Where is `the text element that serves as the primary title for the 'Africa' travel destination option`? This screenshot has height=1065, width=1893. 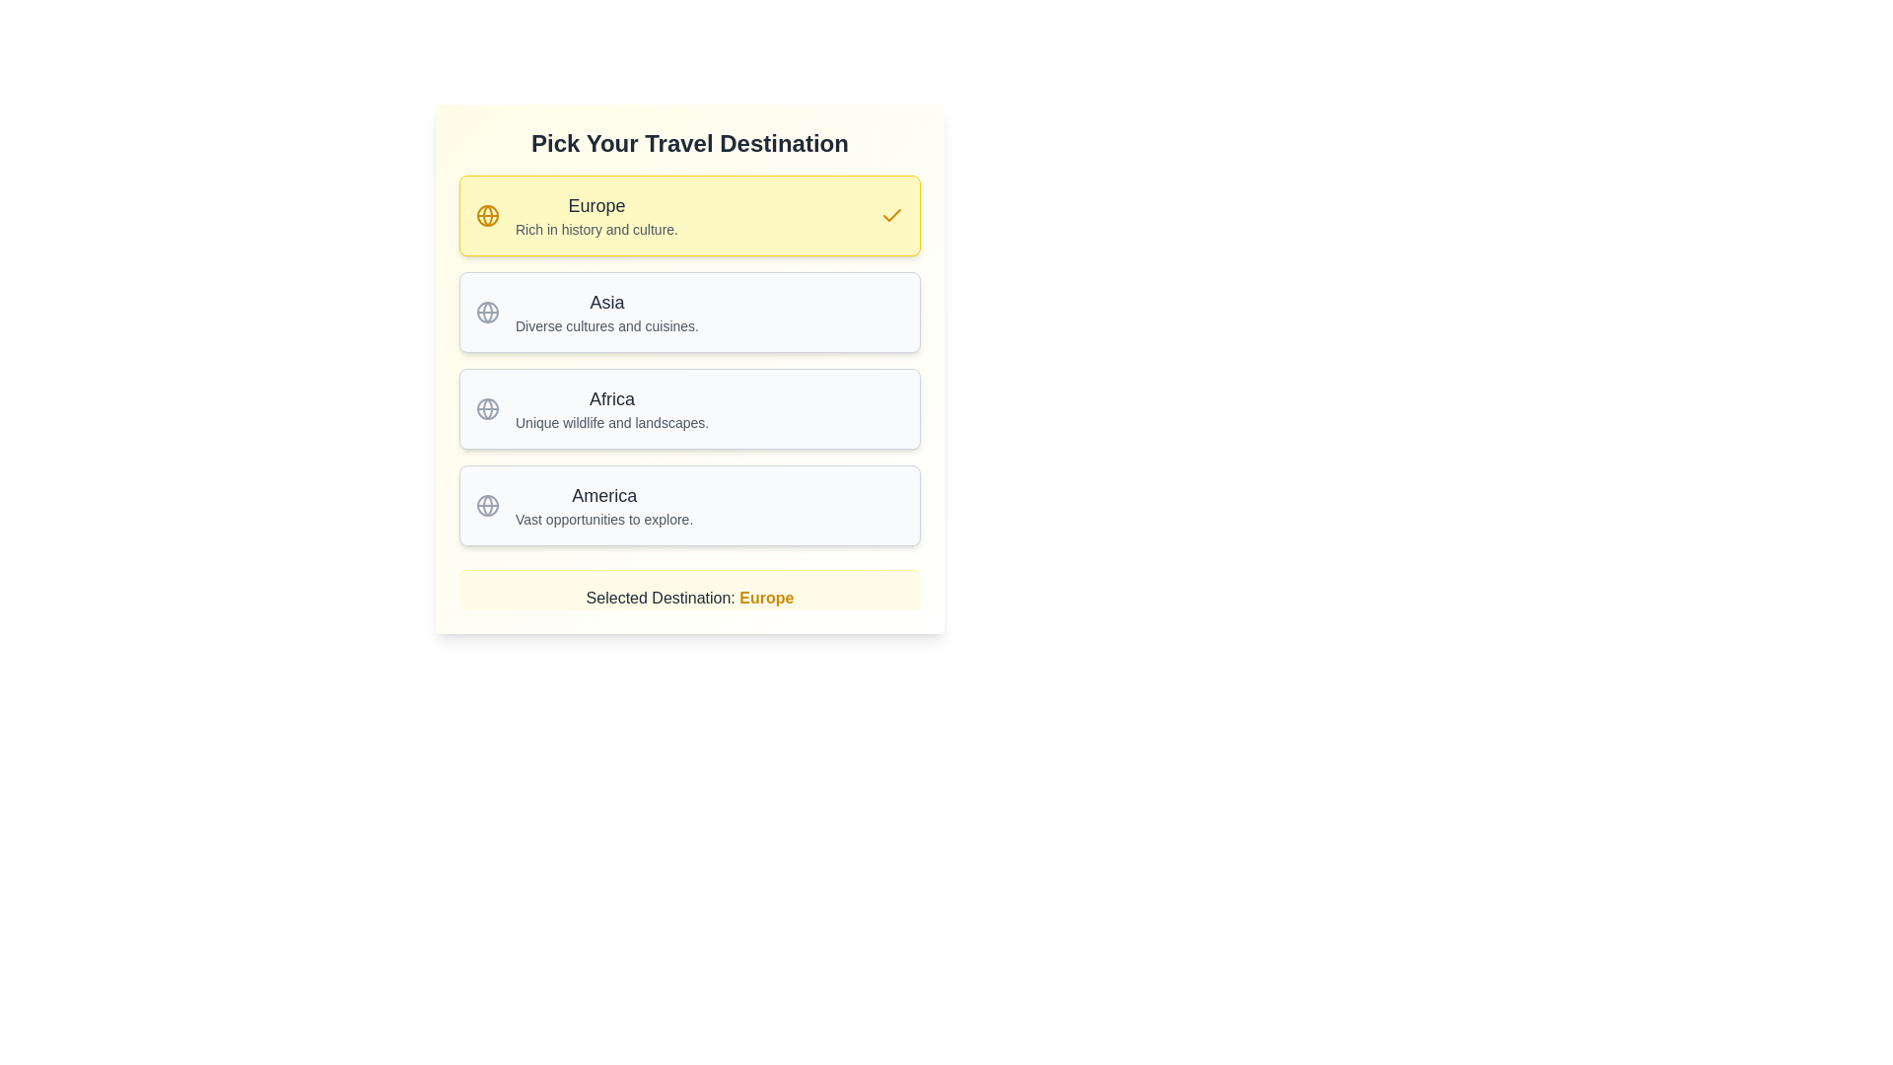
the text element that serves as the primary title for the 'Africa' travel destination option is located at coordinates (611, 399).